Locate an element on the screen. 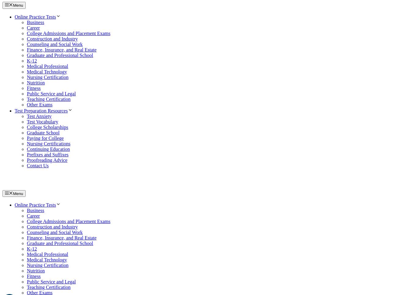  'Test Anxiety' is located at coordinates (39, 116).